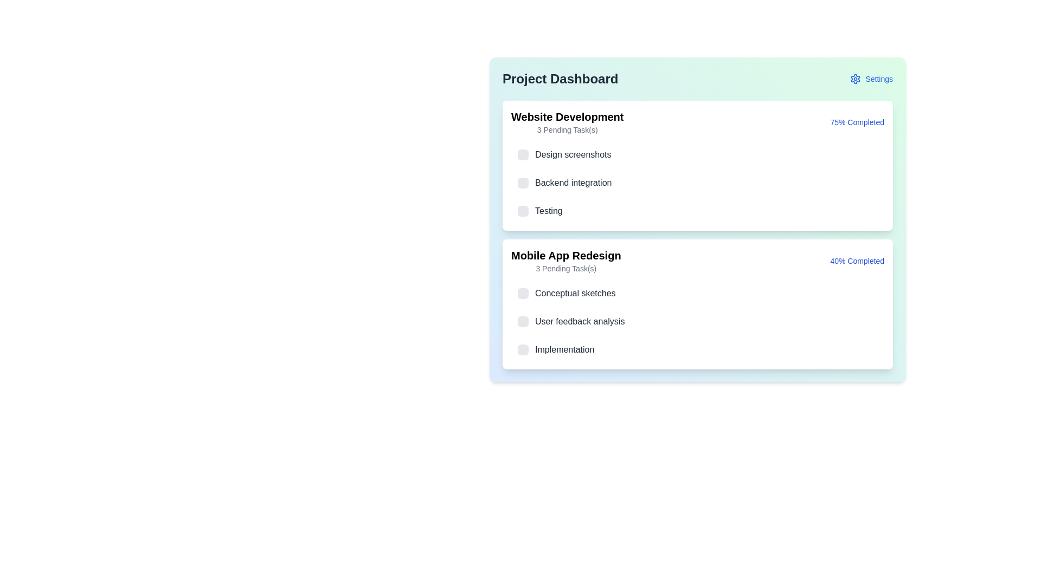 This screenshot has height=585, width=1041. What do you see at coordinates (697, 183) in the screenshot?
I see `list of tasks displayed in the white card titled 'Website Development', which includes interactive checkboxes for tasks such as 'Design screenshots', 'Backend integration', and 'Testing'` at bounding box center [697, 183].